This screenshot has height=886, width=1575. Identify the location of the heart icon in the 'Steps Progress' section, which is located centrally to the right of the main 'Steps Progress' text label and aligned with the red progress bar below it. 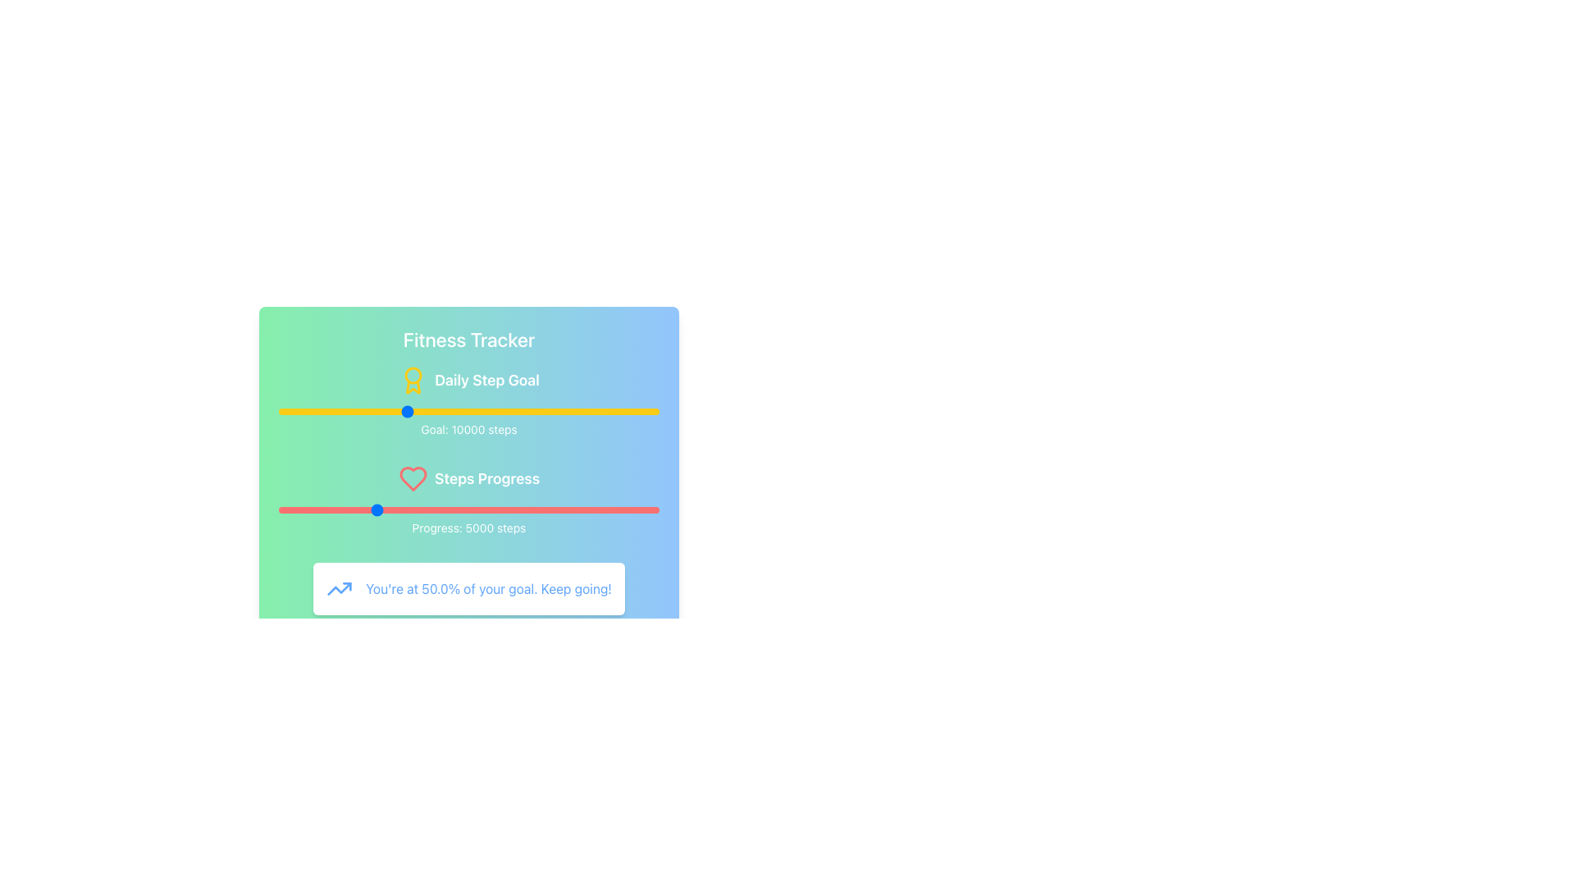
(413, 478).